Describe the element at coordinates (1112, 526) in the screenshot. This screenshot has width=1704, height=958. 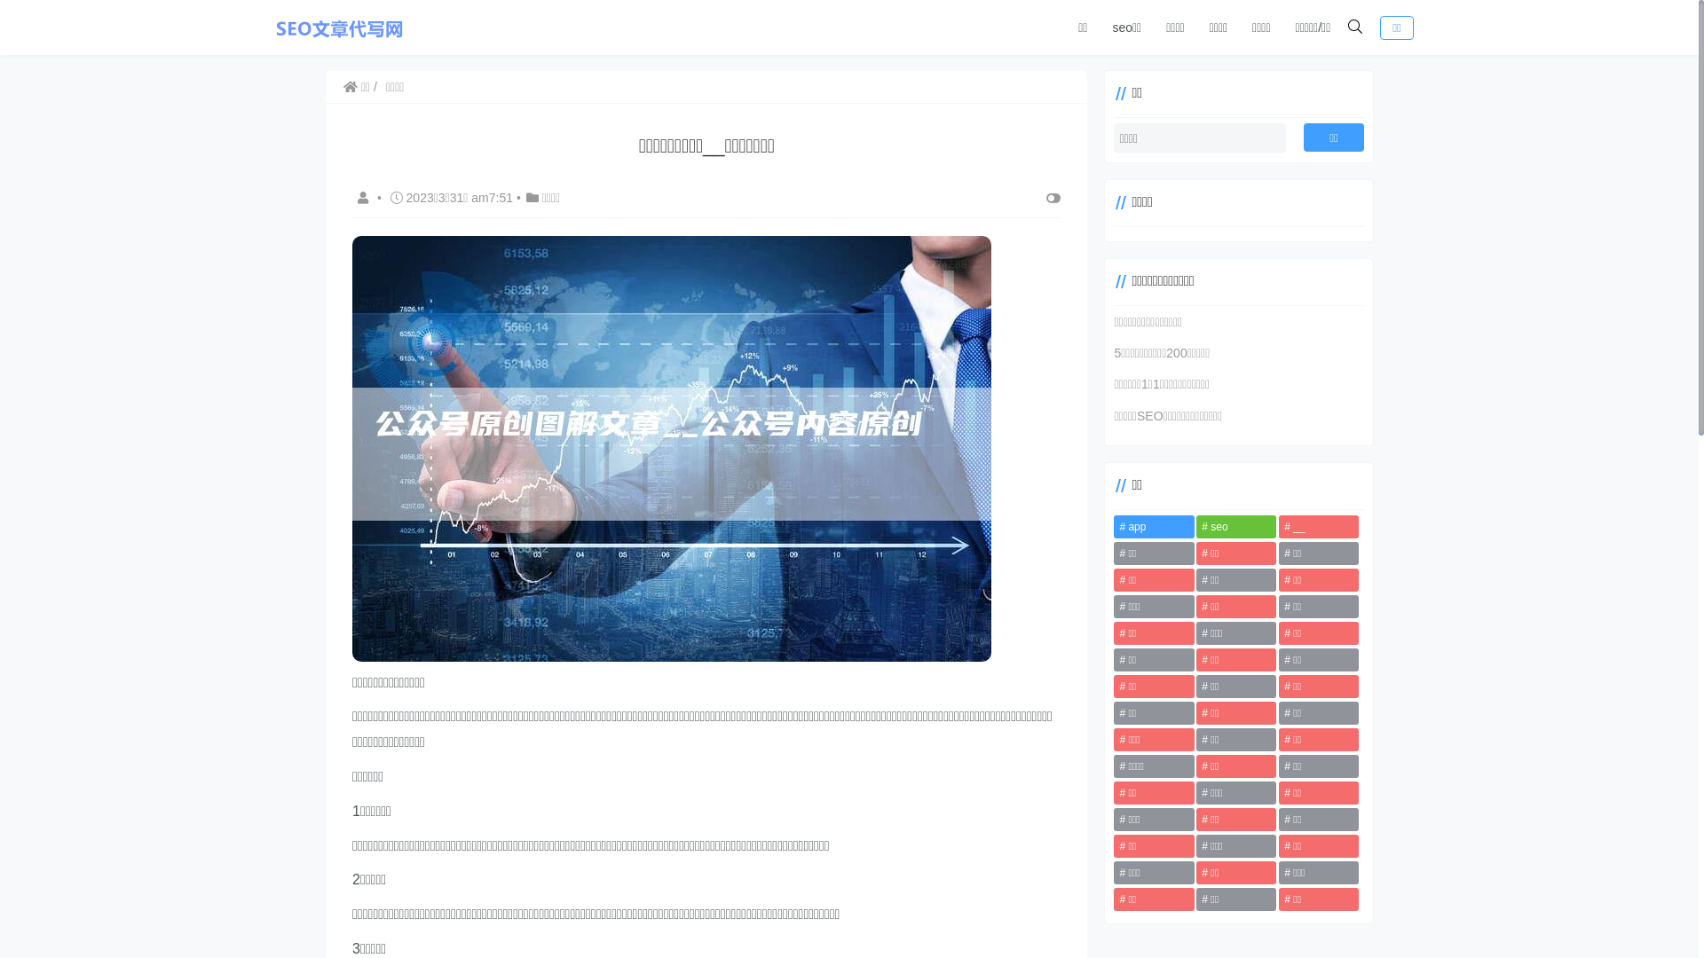
I see `'app'` at that location.